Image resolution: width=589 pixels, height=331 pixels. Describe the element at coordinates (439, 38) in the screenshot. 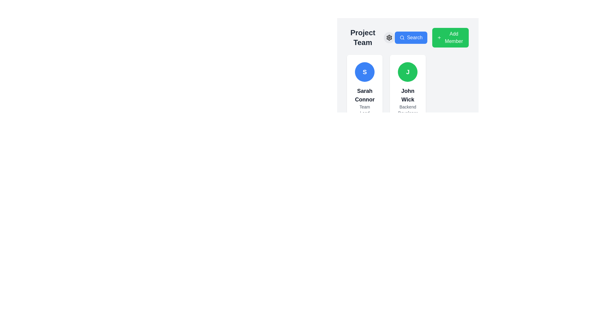

I see `the small green circular icon with a white plus symbol, located inside the green 'Add Member' button in the top-right corner of the interface` at that location.